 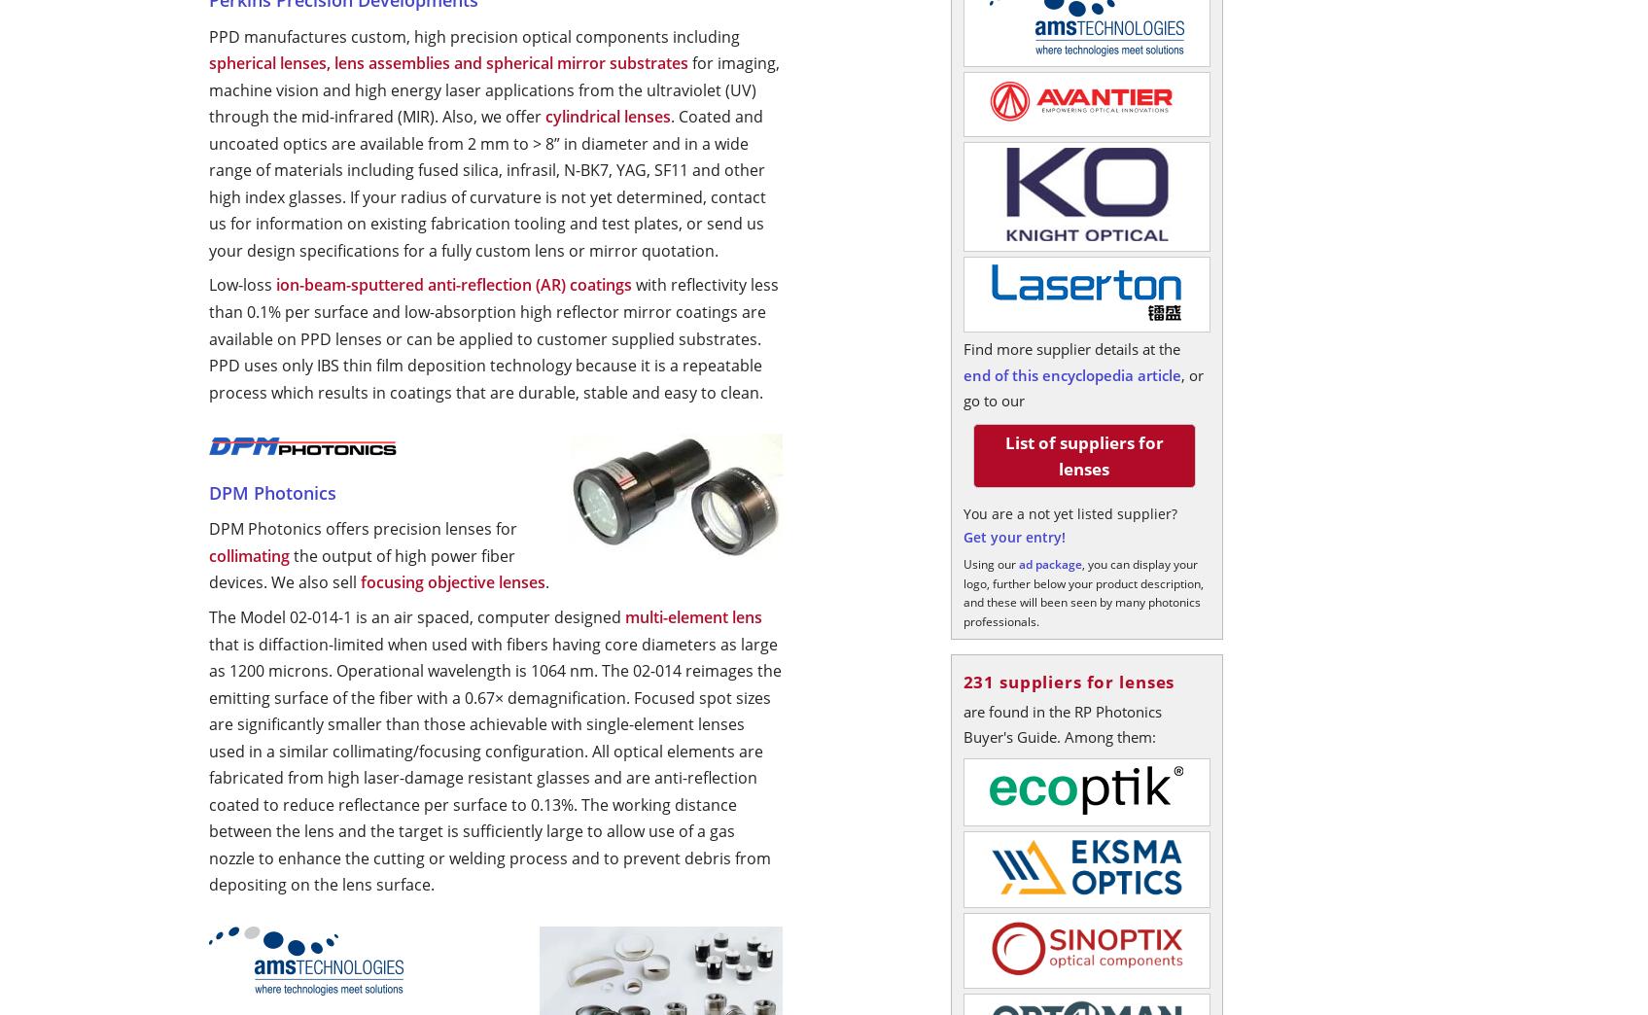 What do you see at coordinates (1081, 386) in the screenshot?
I see `', or go to our'` at bounding box center [1081, 386].